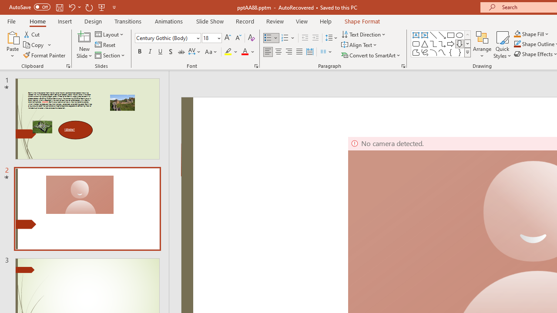 Image resolution: width=557 pixels, height=313 pixels. Describe the element at coordinates (251, 37) in the screenshot. I see `'Clear Formatting'` at that location.